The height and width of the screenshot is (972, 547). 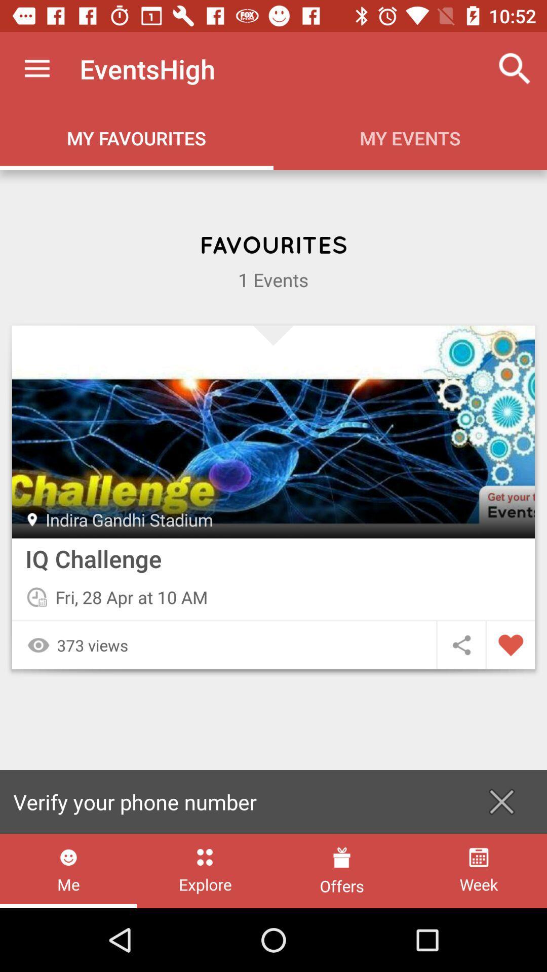 I want to click on the icon next to the offers, so click(x=479, y=870).